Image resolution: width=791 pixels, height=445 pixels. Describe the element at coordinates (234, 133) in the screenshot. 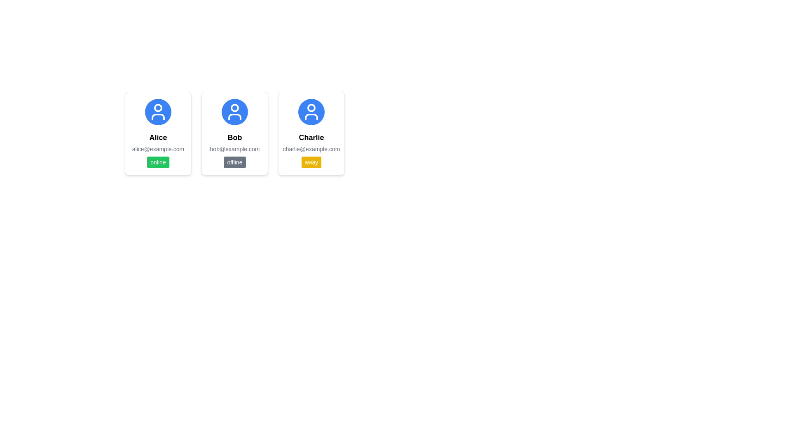

I see `the user information card for 'Bob', which displays his name, email, and online status, located at the center of the group of three profile cards` at that location.